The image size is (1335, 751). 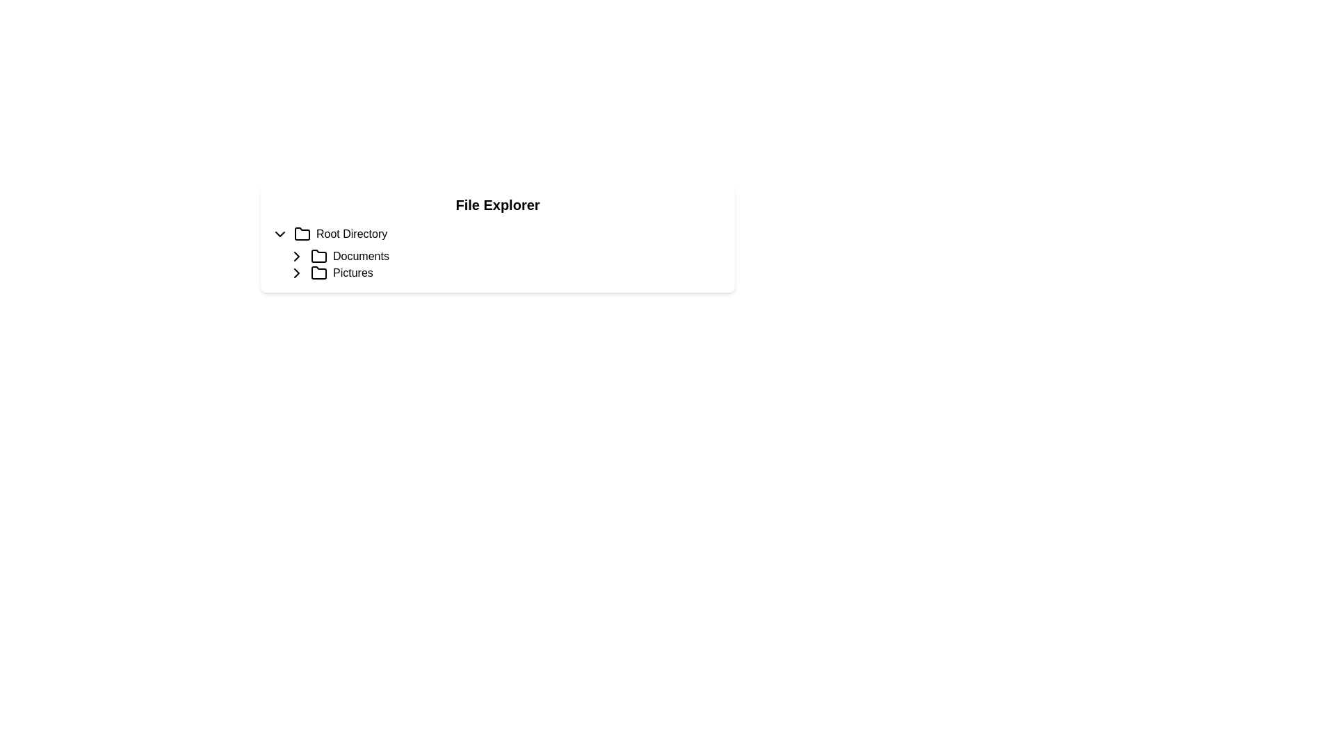 What do you see at coordinates (296, 273) in the screenshot?
I see `the Chevron Icon located to the left of the 'Pictures' folder label in the file tree` at bounding box center [296, 273].